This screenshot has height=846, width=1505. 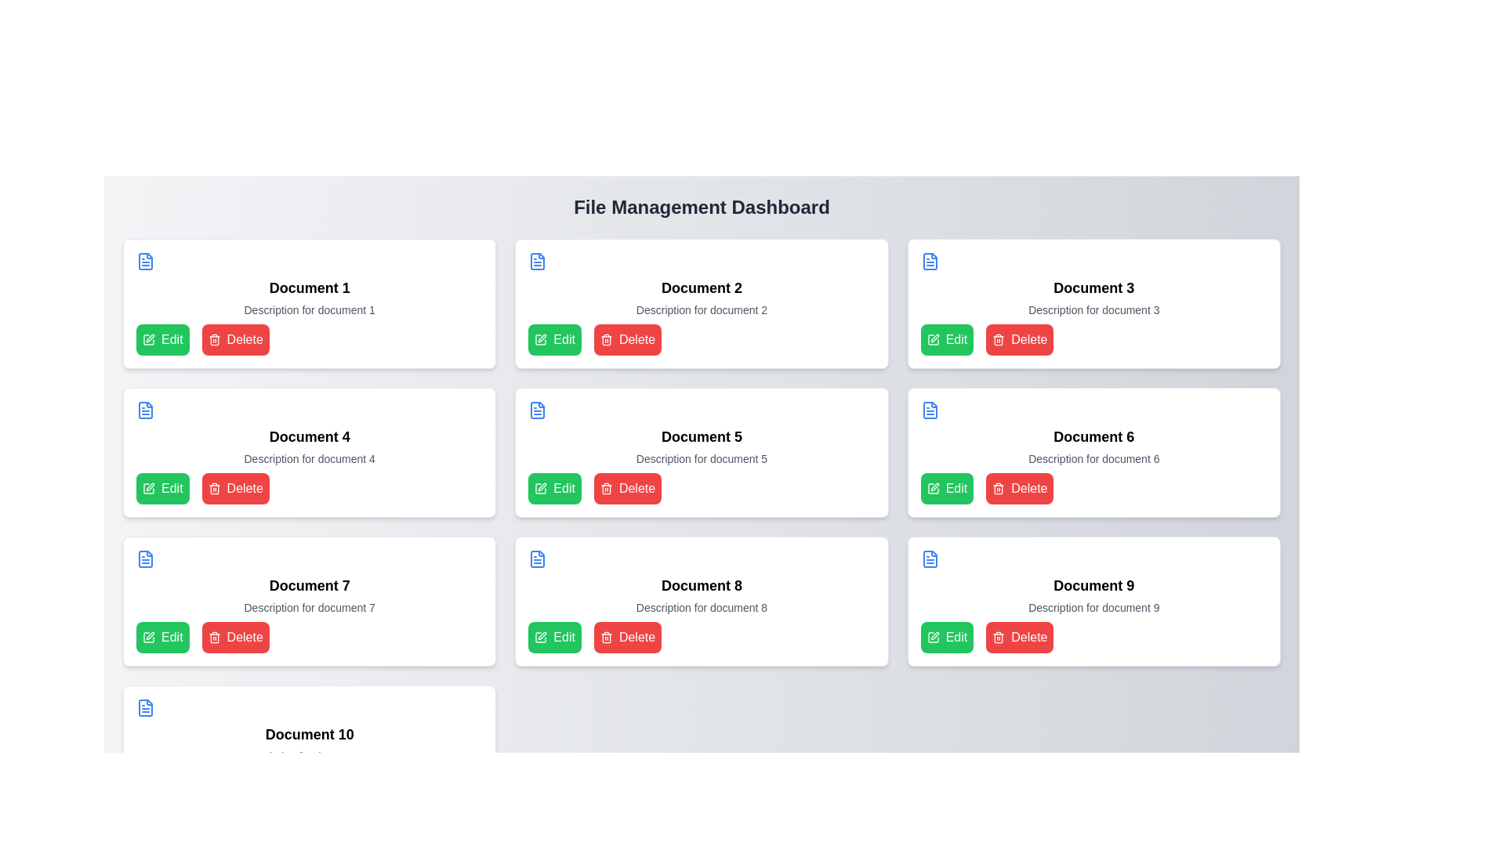 I want to click on the edit icon resembling a pen for 'Document 3', so click(x=934, y=338).